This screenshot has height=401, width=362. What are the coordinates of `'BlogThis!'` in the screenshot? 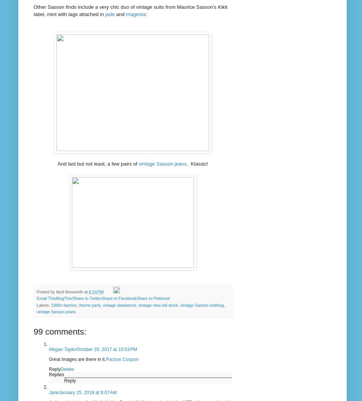 It's located at (55, 298).